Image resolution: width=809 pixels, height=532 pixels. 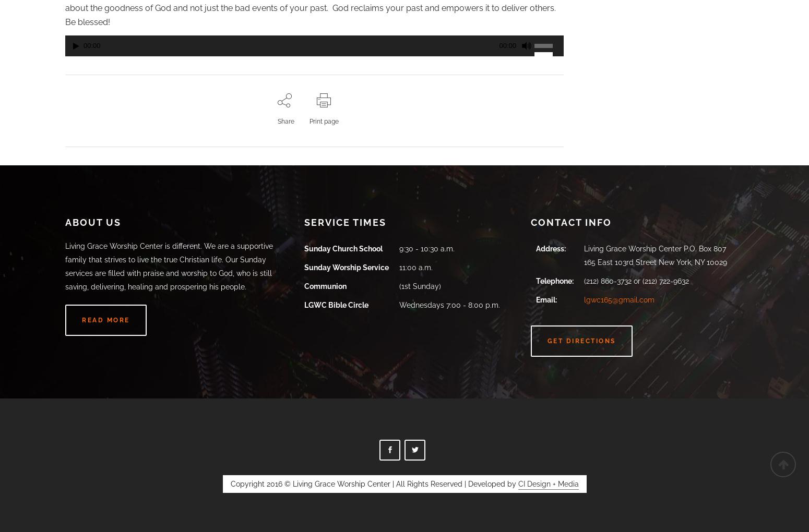 What do you see at coordinates (285, 121) in the screenshot?
I see `'Share'` at bounding box center [285, 121].